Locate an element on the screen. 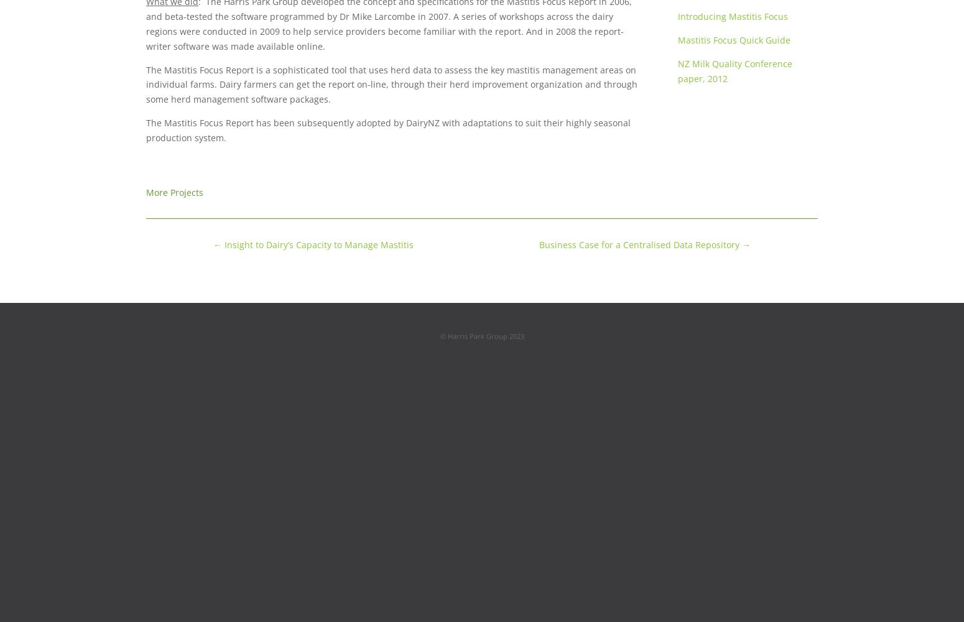 The image size is (964, 622). 'Mastitis Focus Quick Guide' is located at coordinates (733, 39).